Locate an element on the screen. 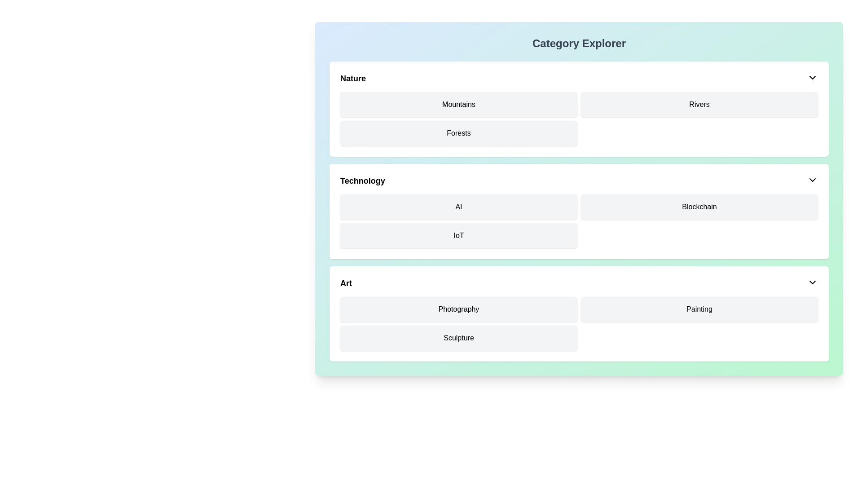 This screenshot has height=485, width=862. the 'Painting' button, which is the second button in the 'Art' category section, with a light gray background and rounded borders is located at coordinates (699, 309).